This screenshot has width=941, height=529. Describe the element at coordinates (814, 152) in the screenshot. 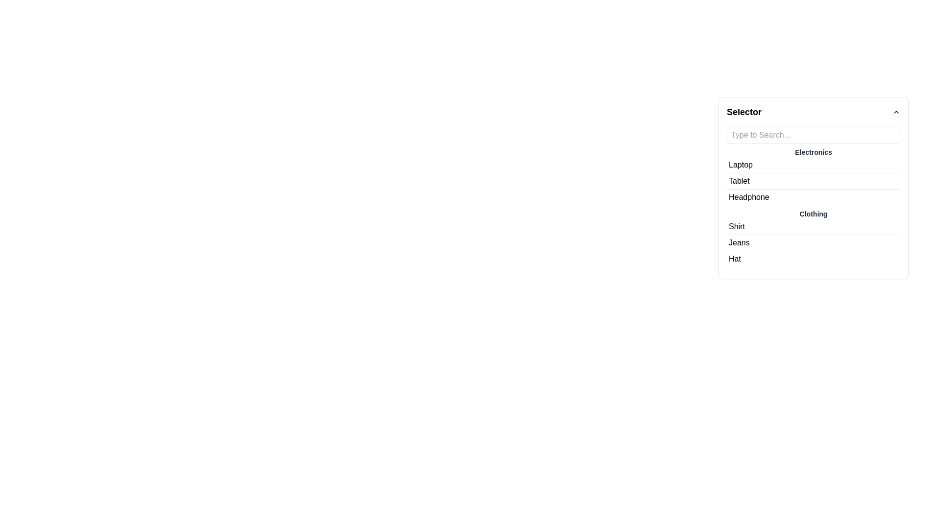

I see `the 'Electronics' category label located at the top of the drop-down section under the 'Selector' header` at that location.